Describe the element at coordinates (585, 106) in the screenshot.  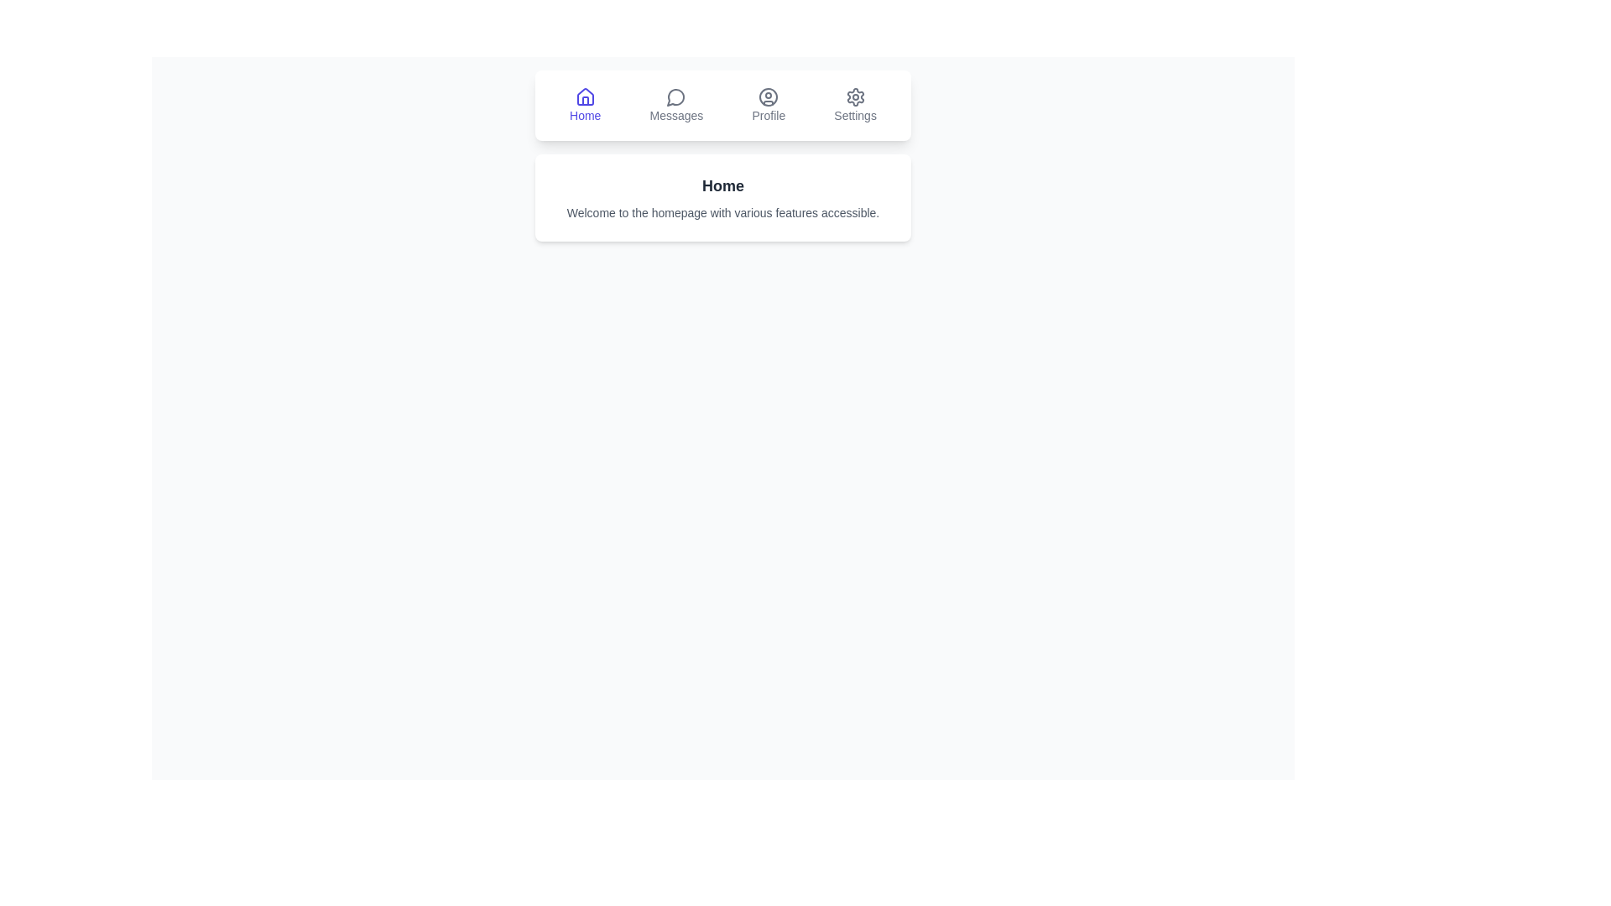
I see `the Home tab` at that location.